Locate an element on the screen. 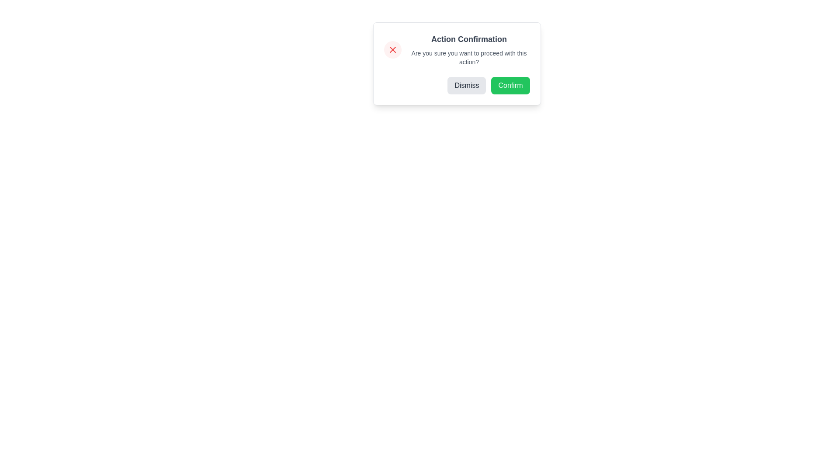 The height and width of the screenshot is (472, 839). the red 'X' icon located at the top-left corner of the 'Action Confirmation' dialog box, which features a circular light pink background is located at coordinates (392, 50).